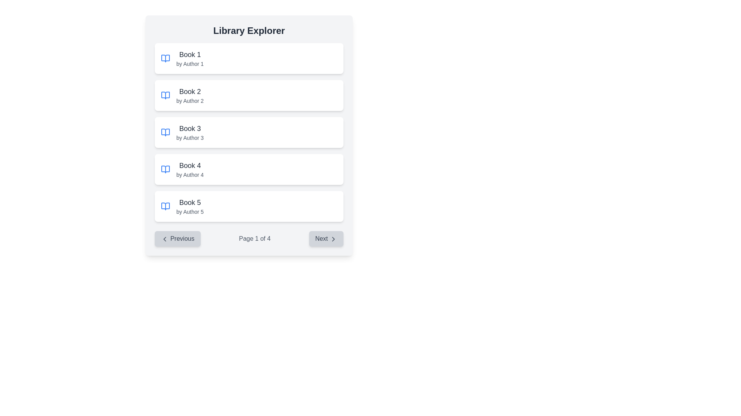  What do you see at coordinates (165, 58) in the screenshot?
I see `the open book icon, which is the leftmost component in the row for 'Book 1' under 'Library Explorer'` at bounding box center [165, 58].